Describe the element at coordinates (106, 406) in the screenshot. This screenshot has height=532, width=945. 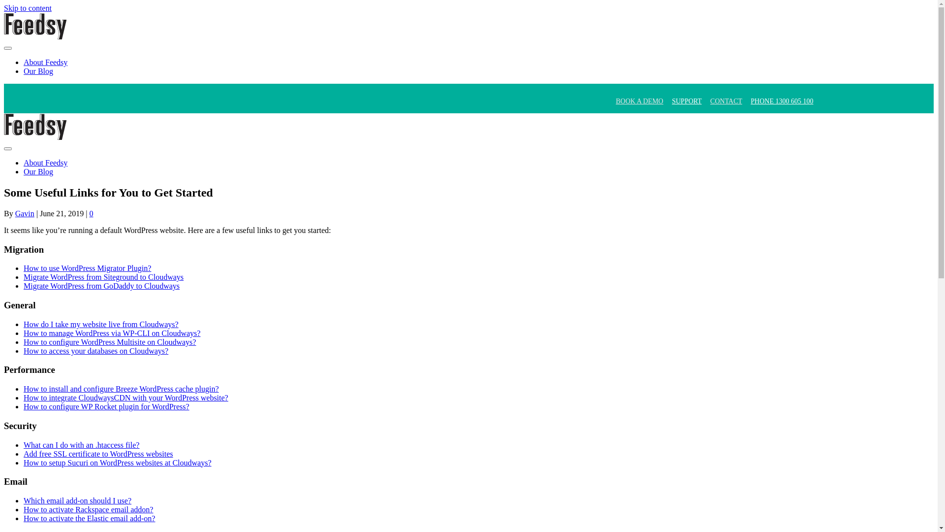
I see `'How to configure WP Rocket plugin for WordPress?'` at that location.